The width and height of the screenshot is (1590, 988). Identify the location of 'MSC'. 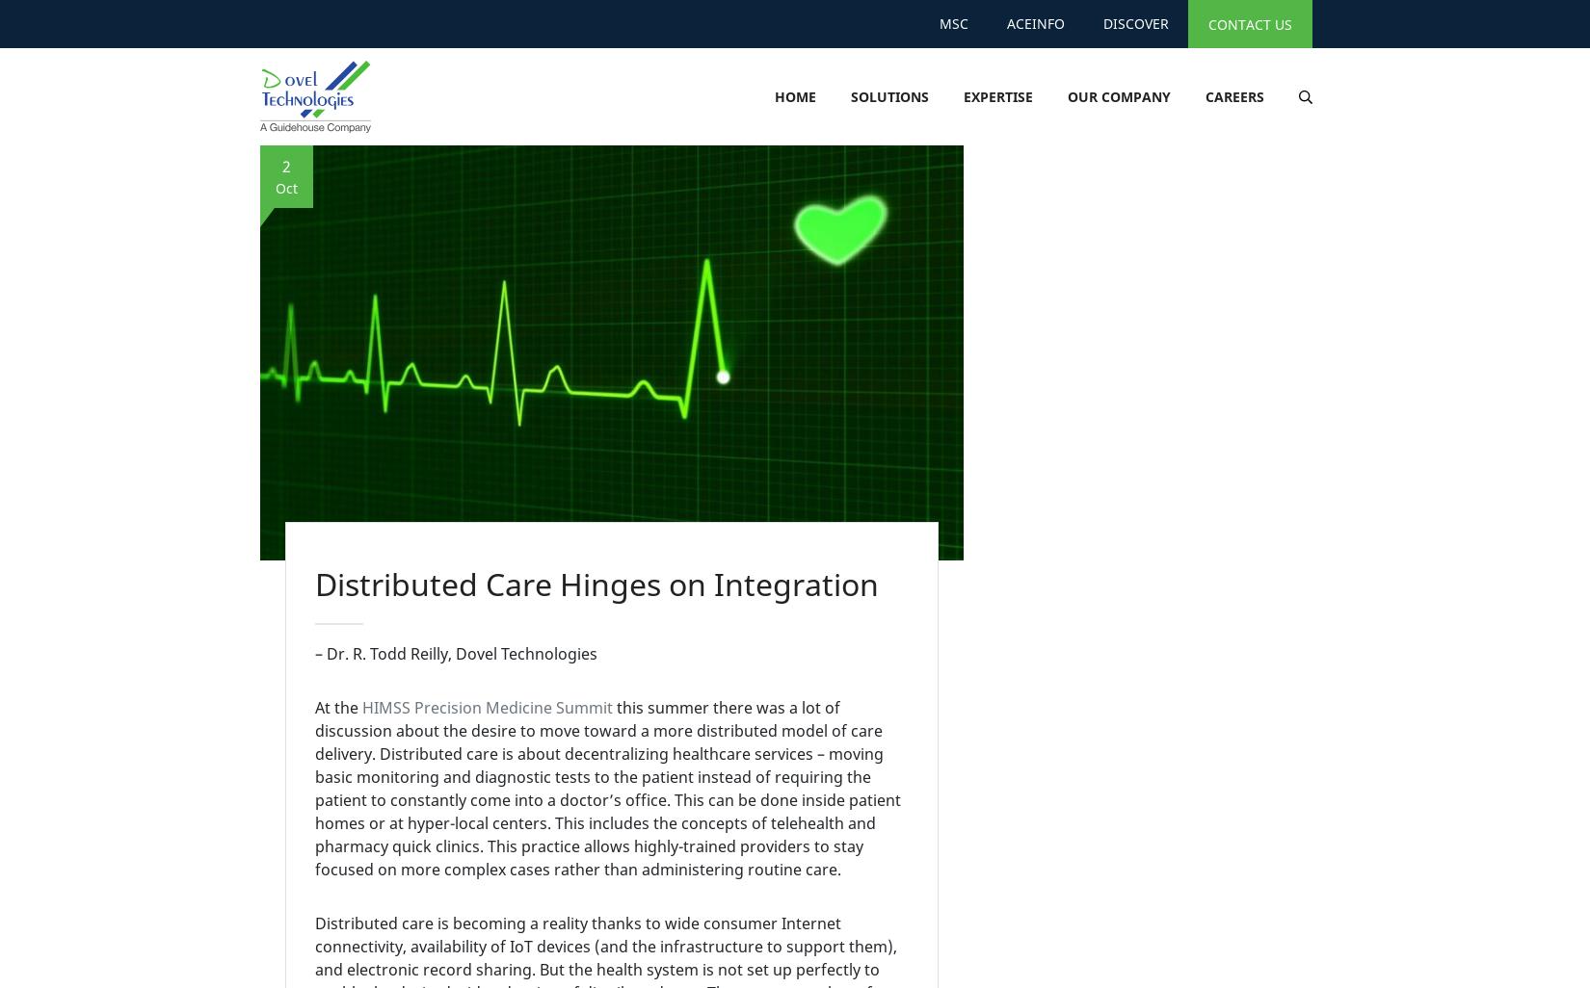
(954, 23).